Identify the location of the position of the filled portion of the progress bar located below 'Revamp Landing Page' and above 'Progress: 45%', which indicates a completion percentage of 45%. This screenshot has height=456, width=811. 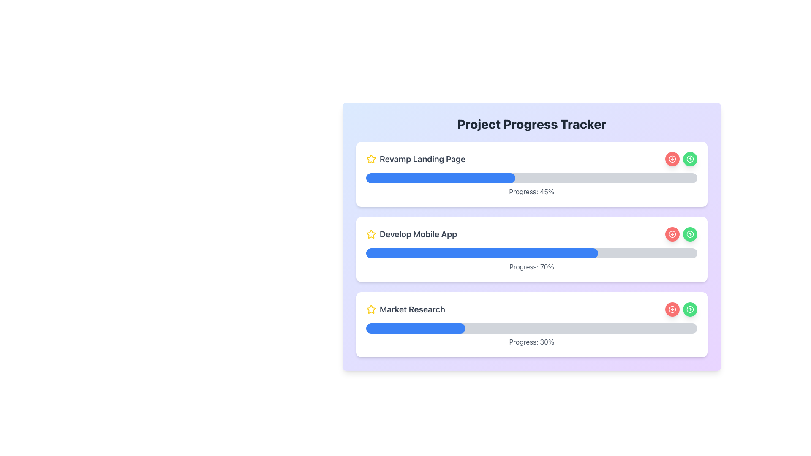
(531, 177).